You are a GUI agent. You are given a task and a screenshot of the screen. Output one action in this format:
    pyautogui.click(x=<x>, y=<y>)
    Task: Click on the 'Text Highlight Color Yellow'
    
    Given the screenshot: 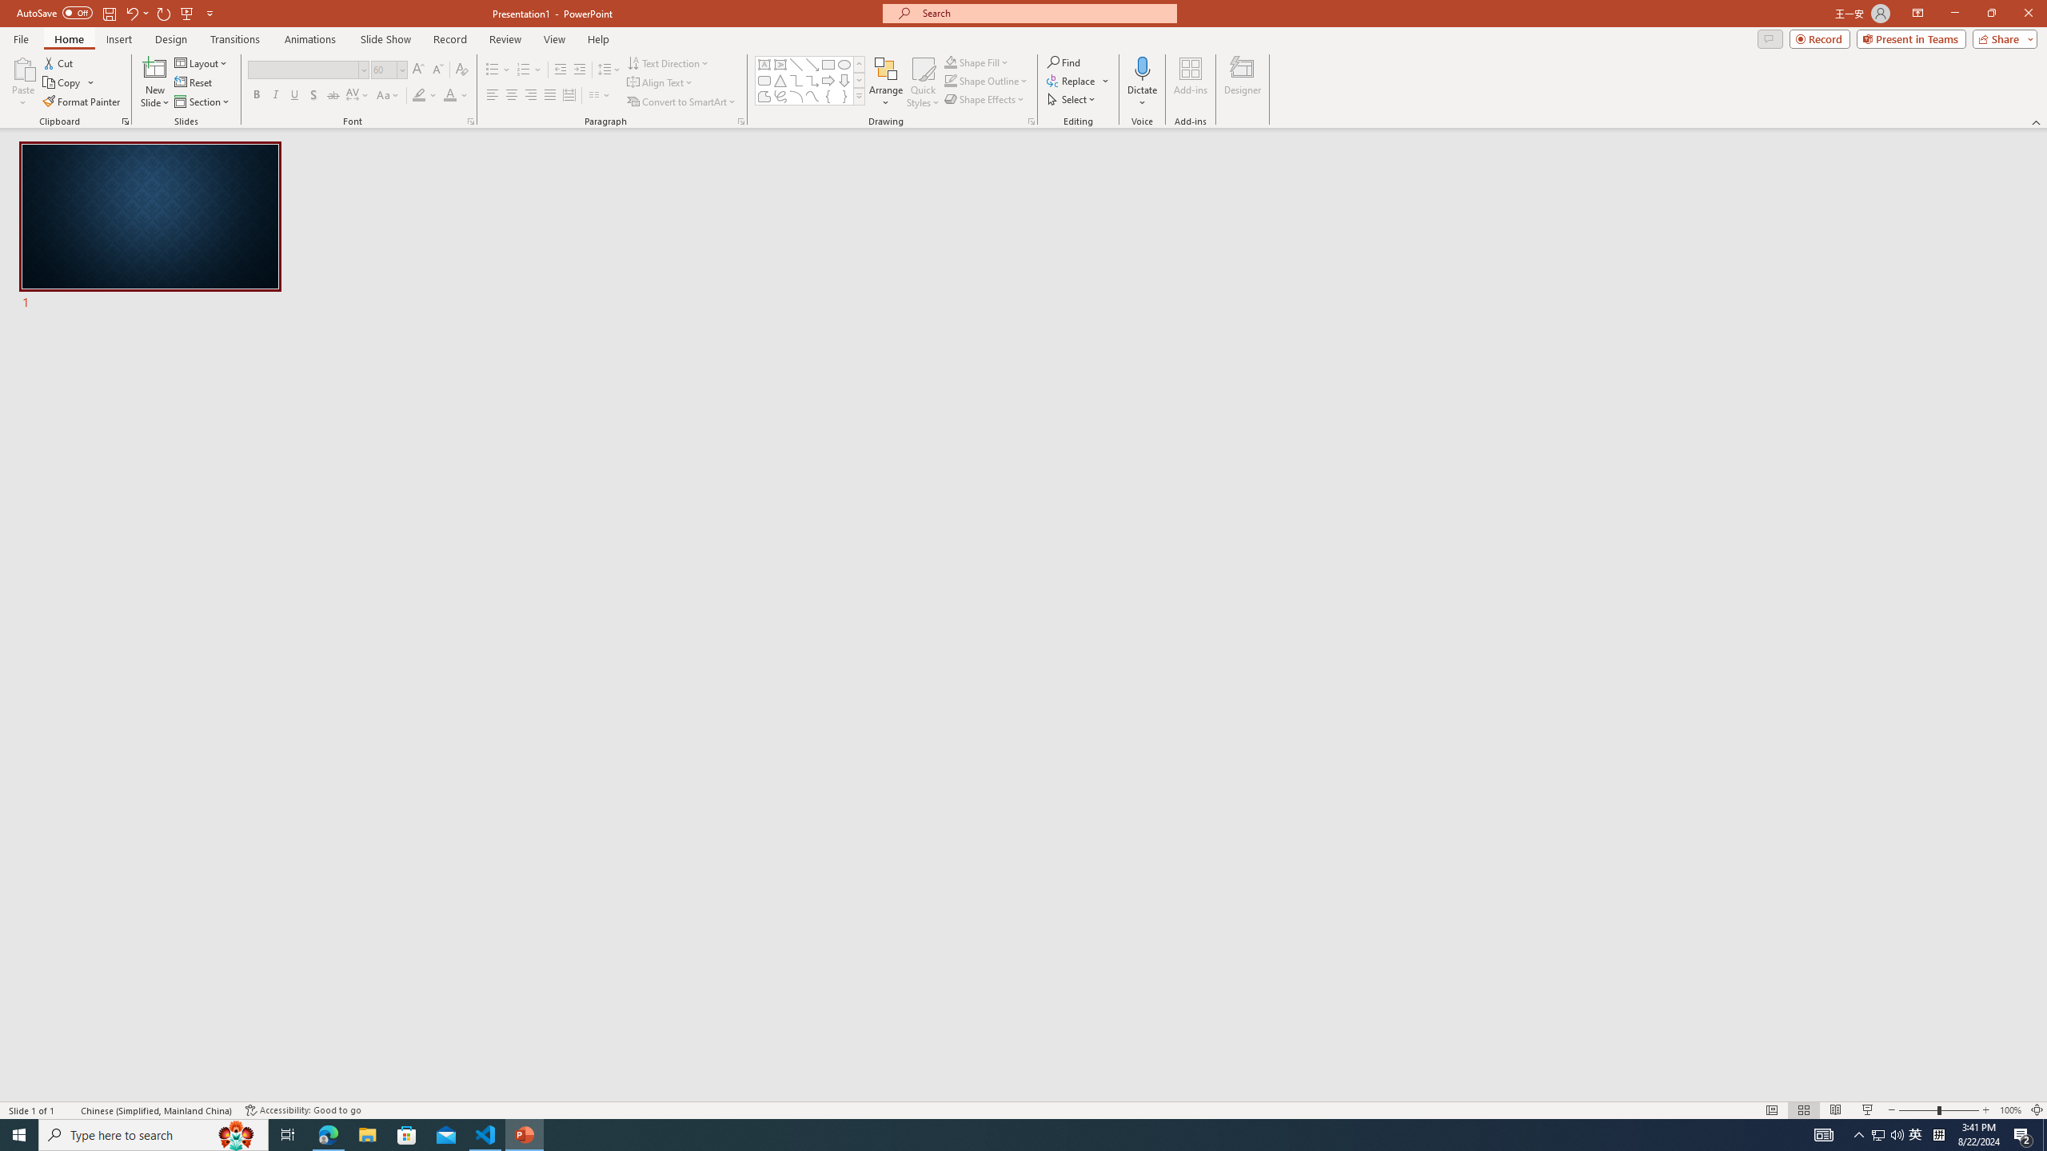 What is the action you would take?
    pyautogui.click(x=417, y=94)
    